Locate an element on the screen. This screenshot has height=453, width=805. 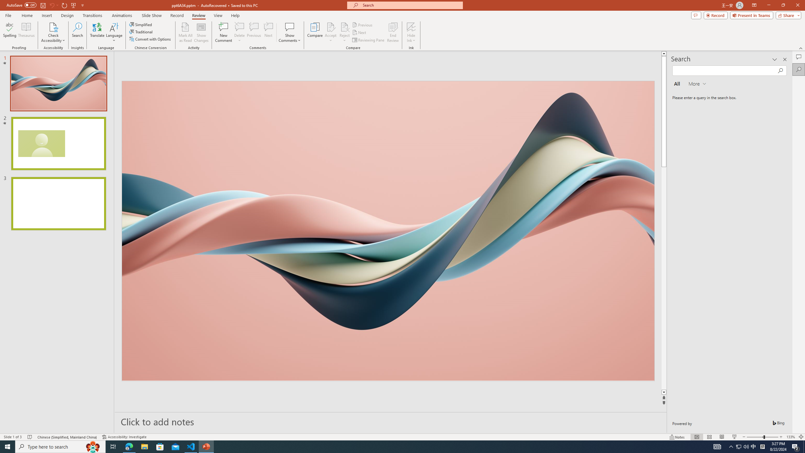
'Show Changes' is located at coordinates (201, 32).